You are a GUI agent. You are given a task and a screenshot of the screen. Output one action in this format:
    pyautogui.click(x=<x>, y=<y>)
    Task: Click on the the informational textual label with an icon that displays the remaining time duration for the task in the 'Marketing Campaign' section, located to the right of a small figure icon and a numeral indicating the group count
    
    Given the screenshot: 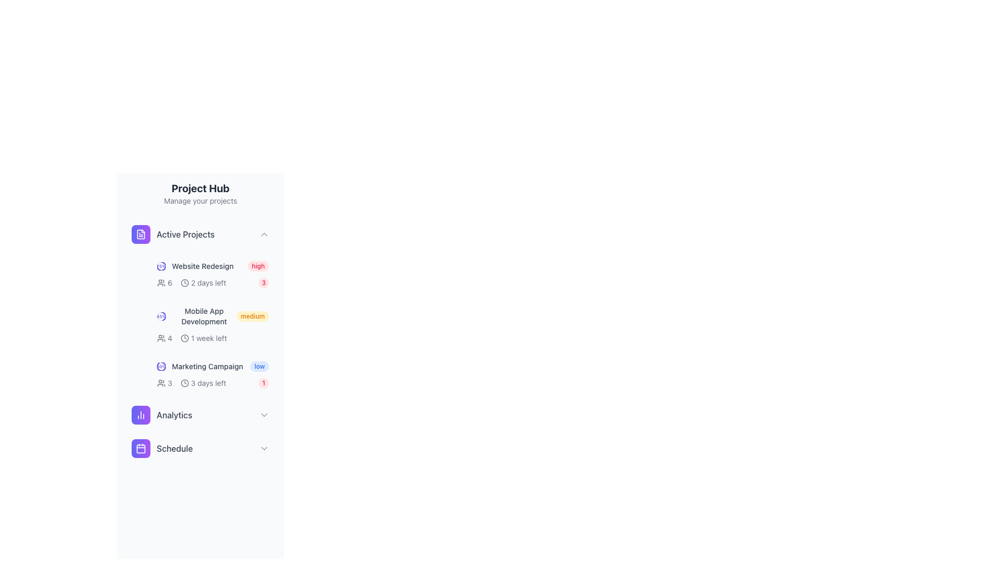 What is the action you would take?
    pyautogui.click(x=192, y=383)
    